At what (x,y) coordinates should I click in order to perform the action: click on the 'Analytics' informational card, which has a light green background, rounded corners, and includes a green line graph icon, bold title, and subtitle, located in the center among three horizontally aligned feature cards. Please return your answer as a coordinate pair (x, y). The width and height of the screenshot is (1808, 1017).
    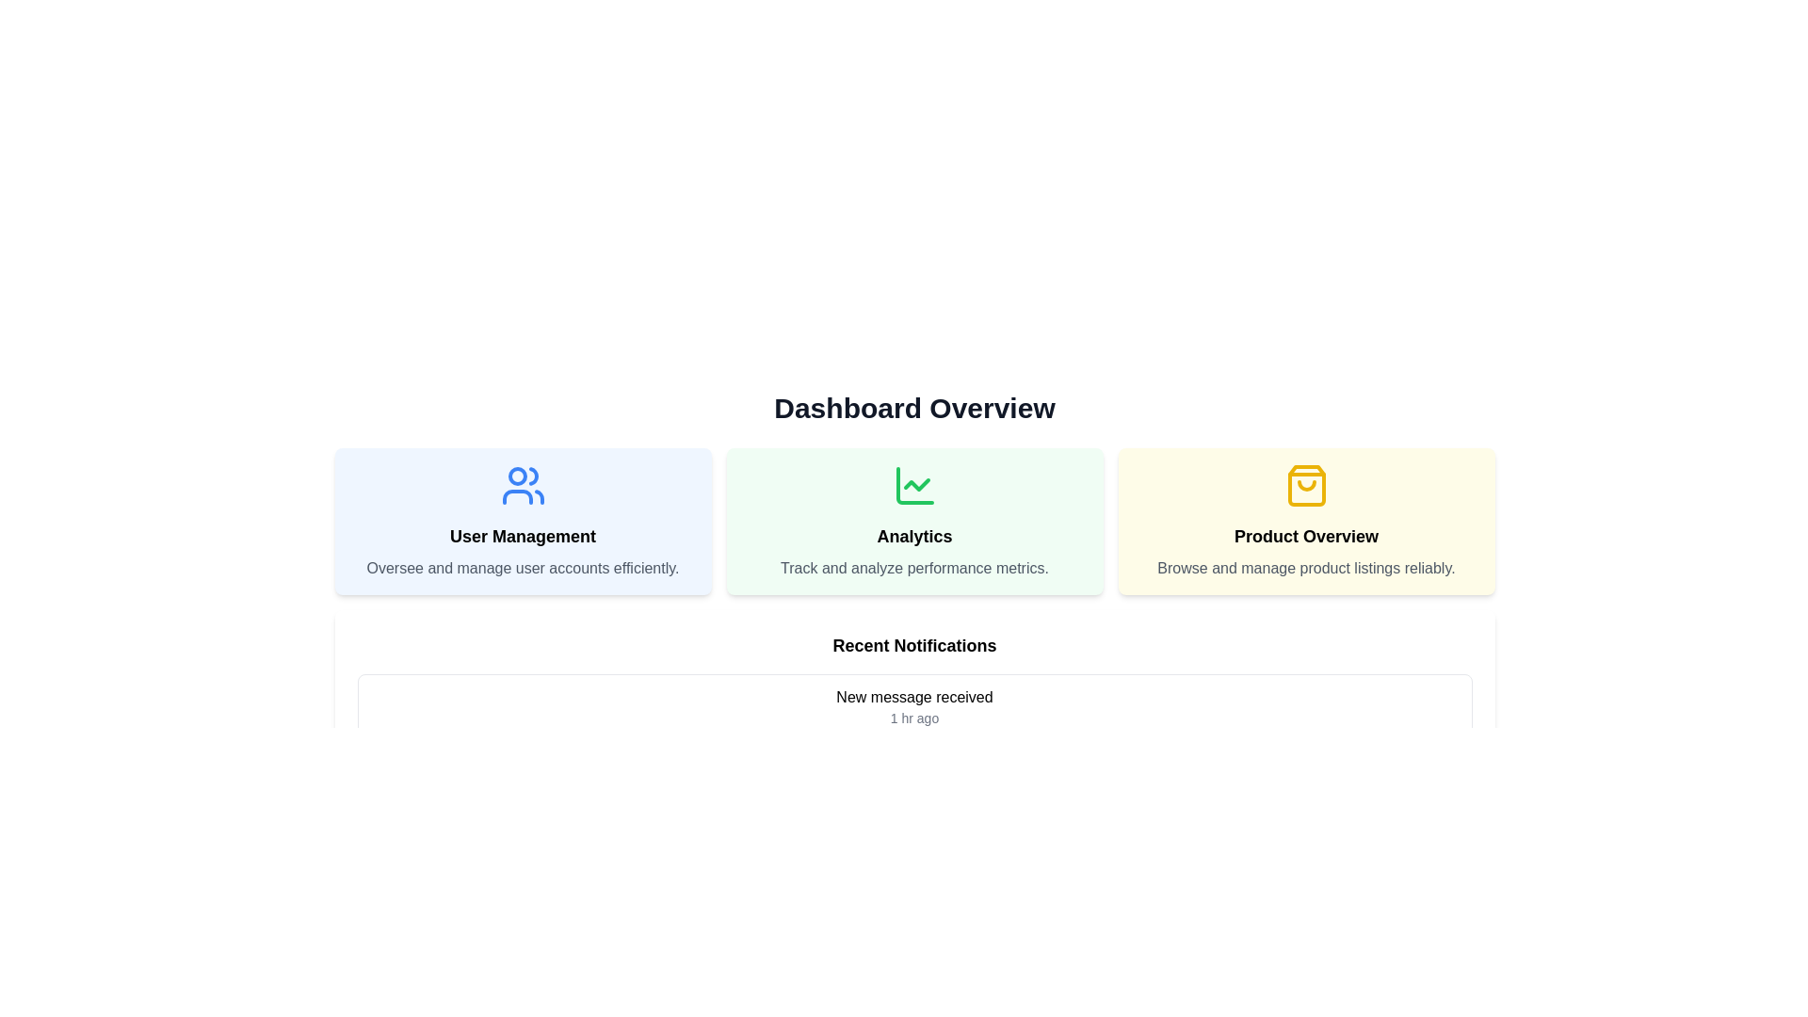
    Looking at the image, I should click on (914, 522).